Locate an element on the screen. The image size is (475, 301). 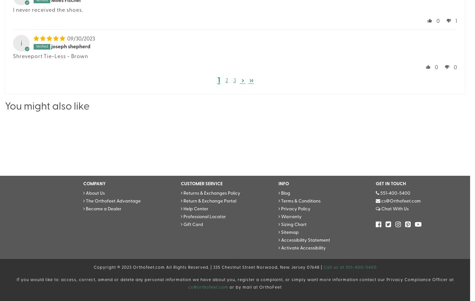
'Shreveport Tie-Less - Brown' is located at coordinates (50, 56).